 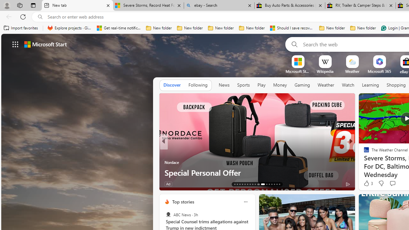 I want to click on 'AutomationID: tab-23', so click(x=262, y=184).